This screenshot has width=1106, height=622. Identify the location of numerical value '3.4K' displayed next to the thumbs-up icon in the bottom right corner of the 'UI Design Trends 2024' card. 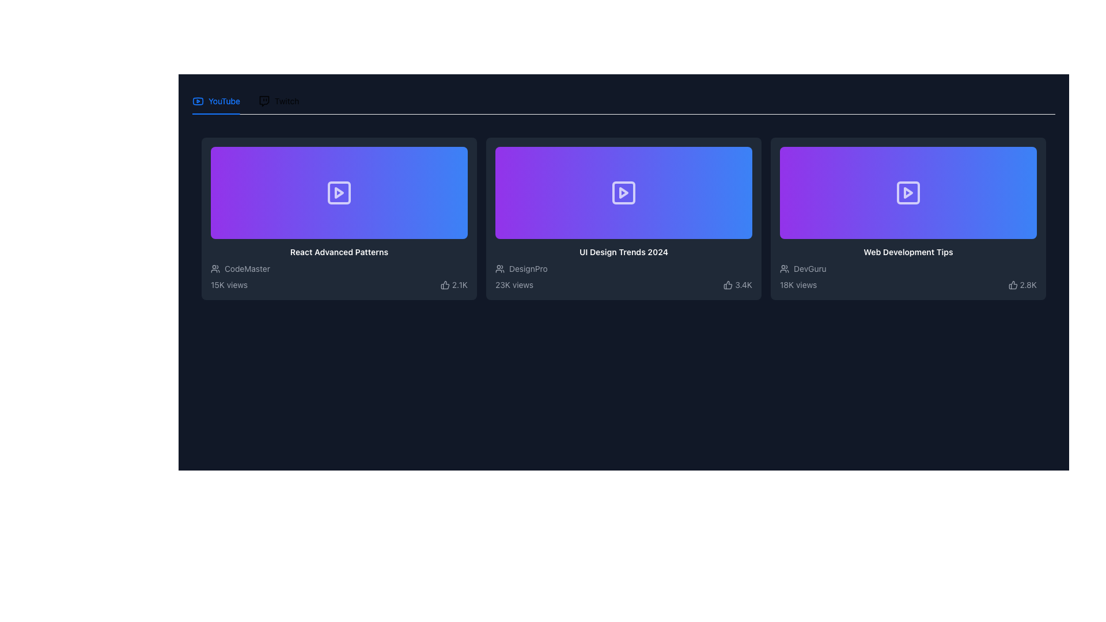
(738, 285).